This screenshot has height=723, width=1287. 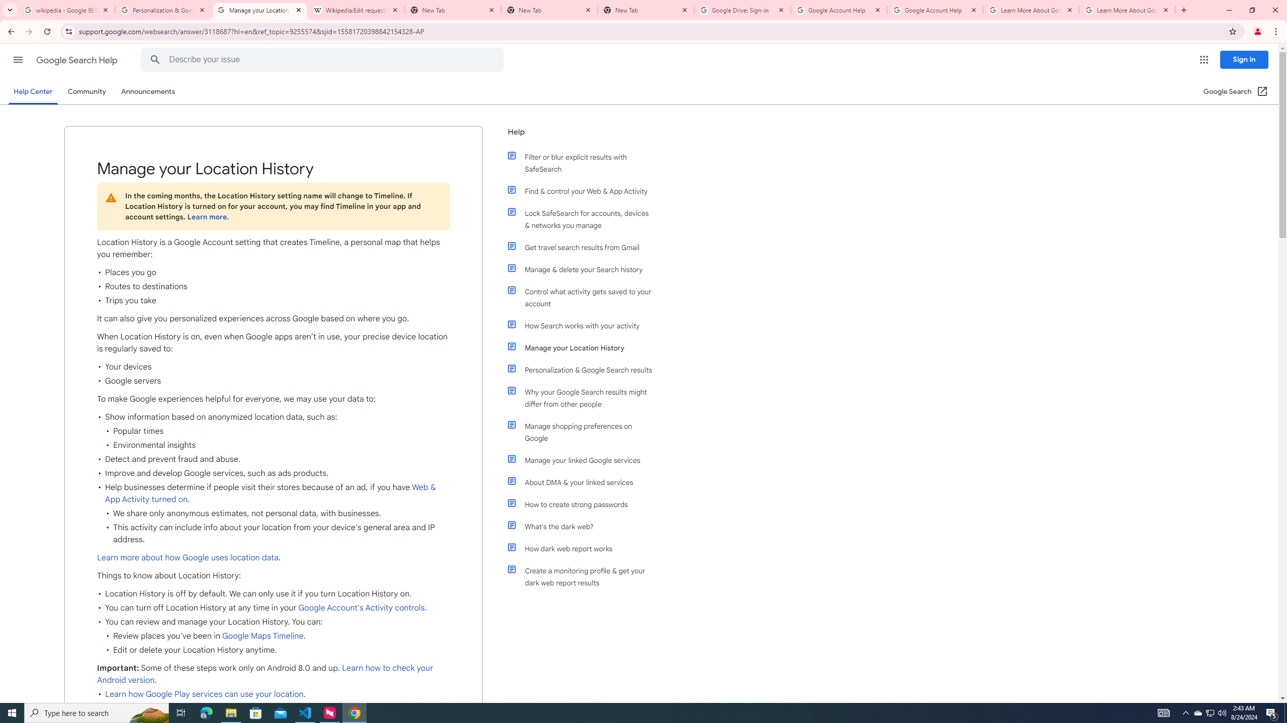 What do you see at coordinates (163, 10) in the screenshot?
I see `'Personalization & Google Search results - Google Search Help'` at bounding box center [163, 10].